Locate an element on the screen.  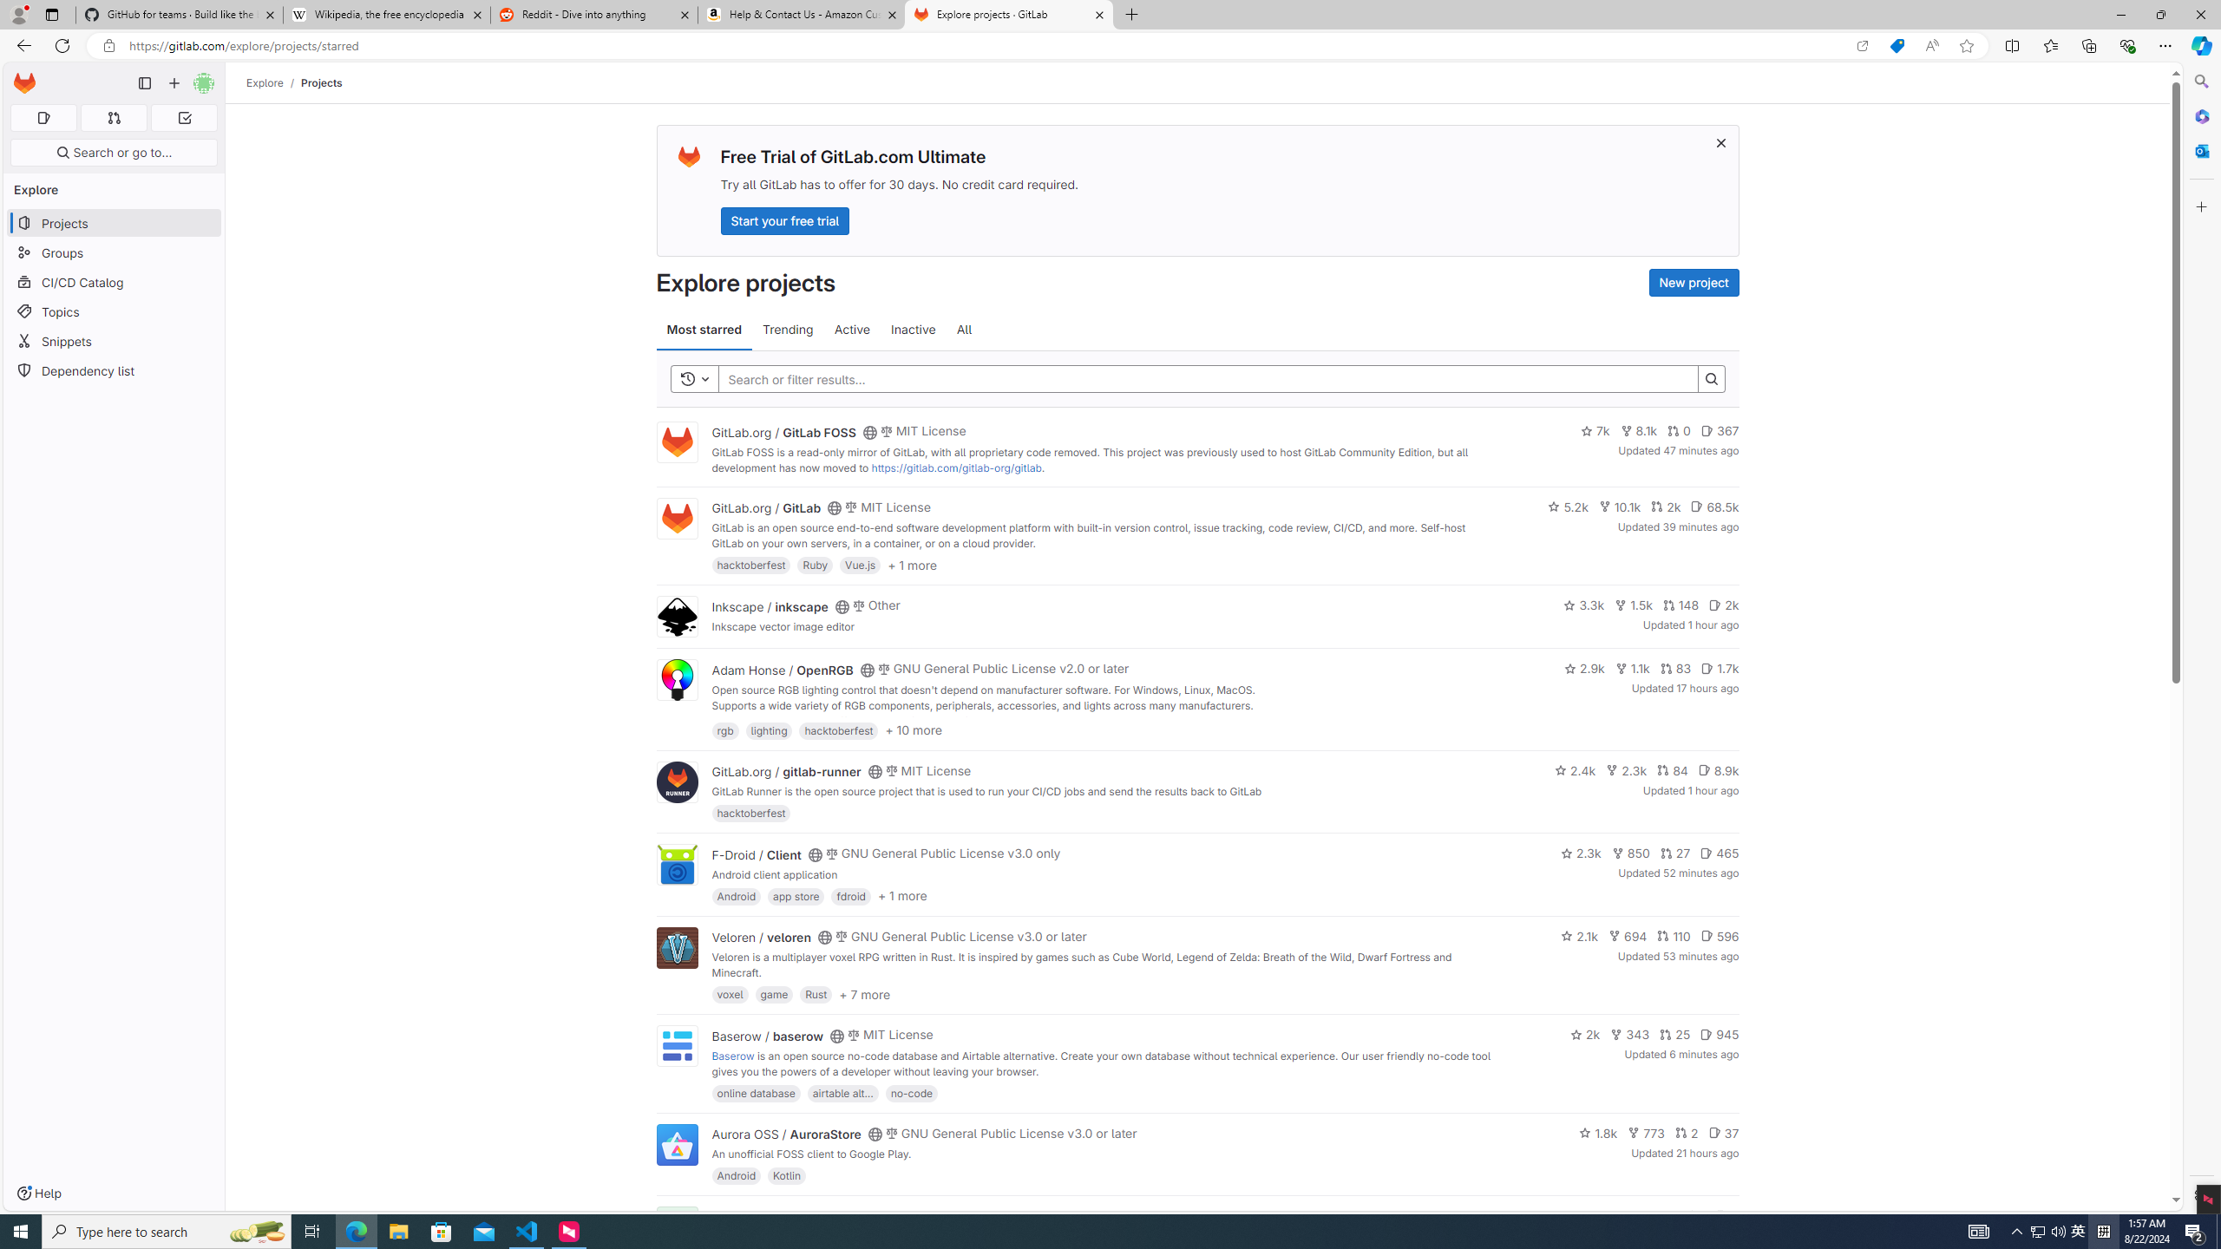
'343' is located at coordinates (1630, 1034).